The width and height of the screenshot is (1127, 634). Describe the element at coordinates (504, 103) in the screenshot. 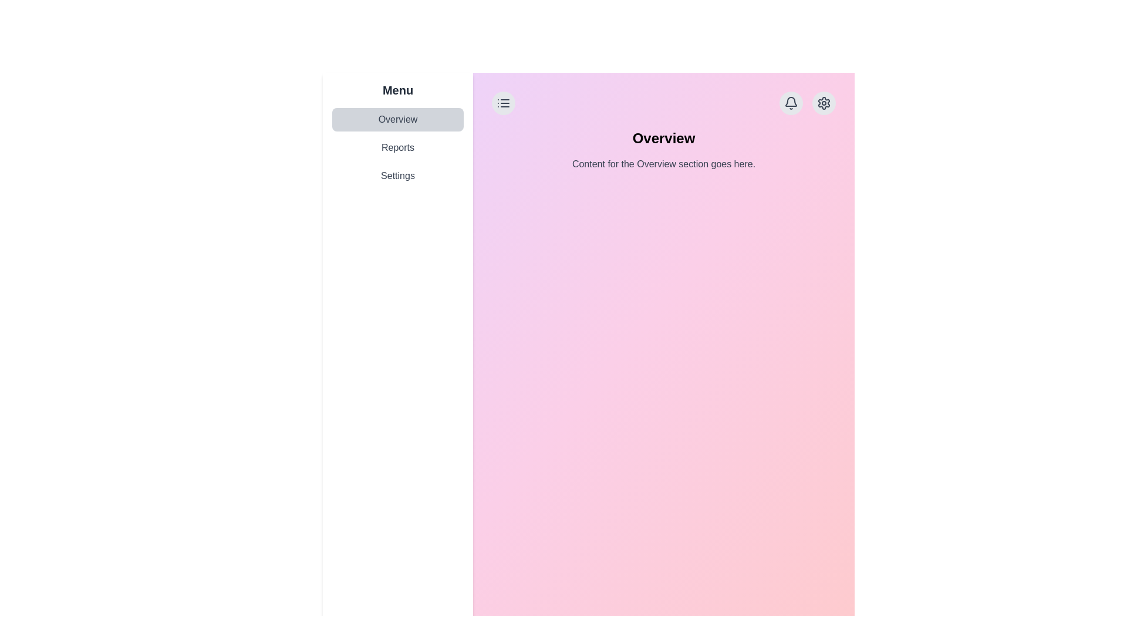

I see `the menu trigger button located at the top-left corner of the main content area` at that location.